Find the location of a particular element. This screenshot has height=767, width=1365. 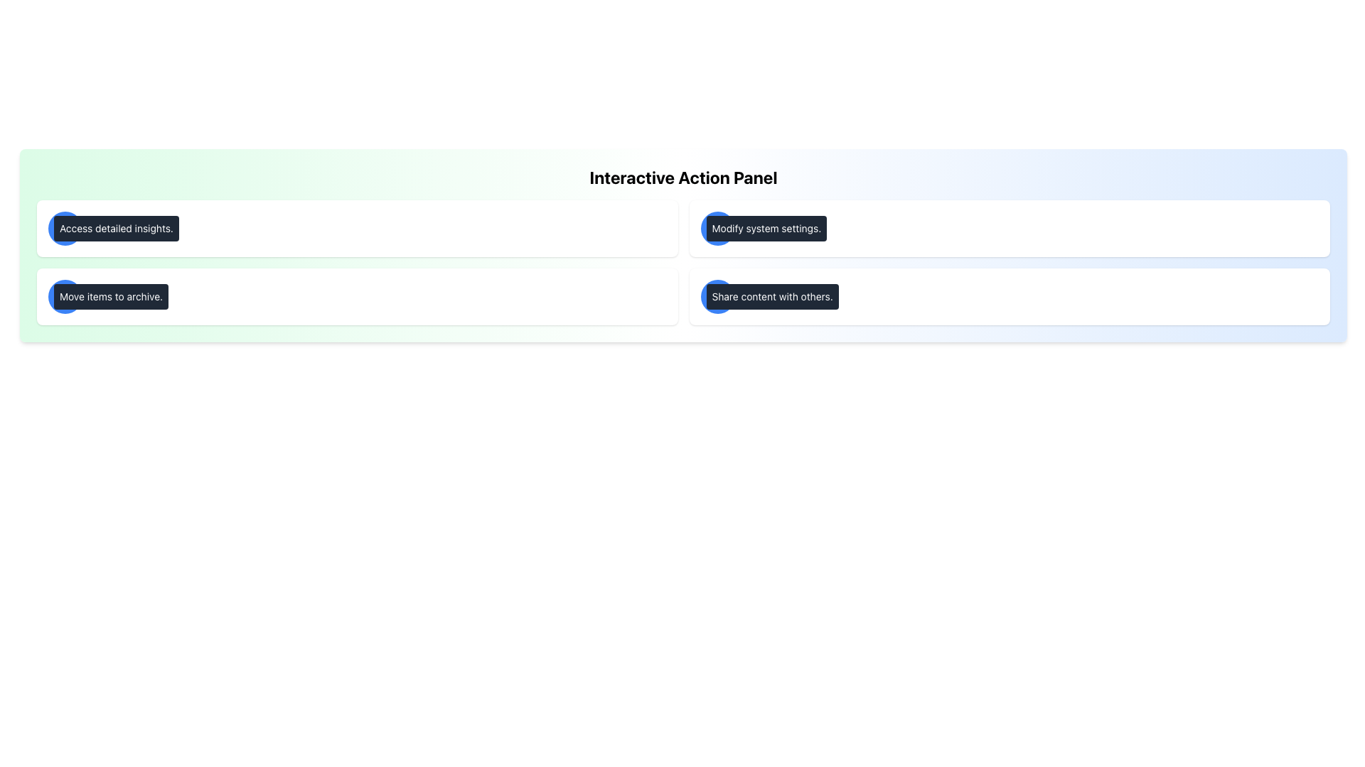

the text label displaying 'Modify system settings.' which has a black background, white text, and is located in the upper-right quadrant of the 'Interactive Action Panel' is located at coordinates (766, 227).